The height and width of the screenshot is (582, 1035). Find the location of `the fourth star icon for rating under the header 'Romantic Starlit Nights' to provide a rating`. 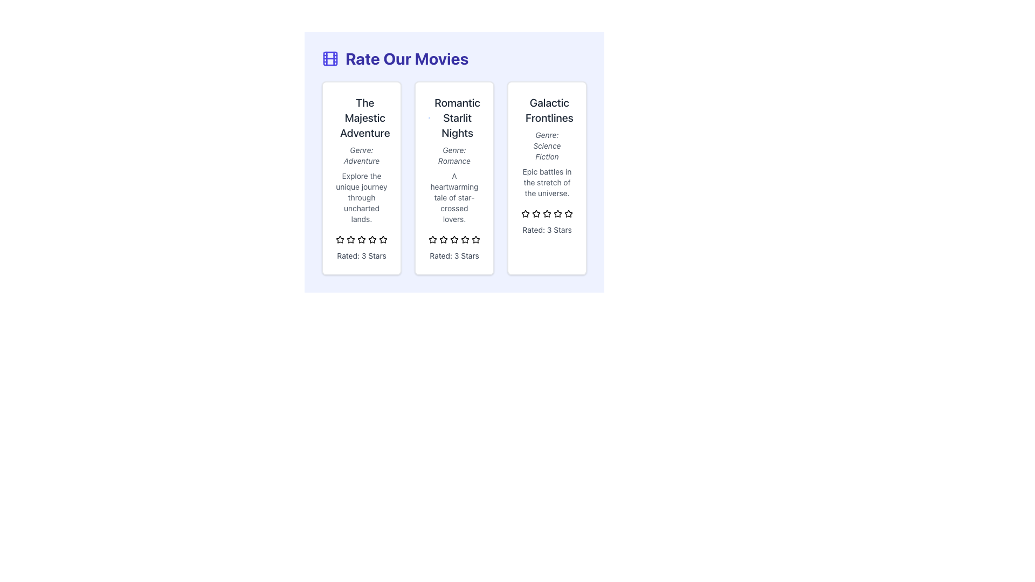

the fourth star icon for rating under the header 'Romantic Starlit Nights' to provide a rating is located at coordinates (465, 239).